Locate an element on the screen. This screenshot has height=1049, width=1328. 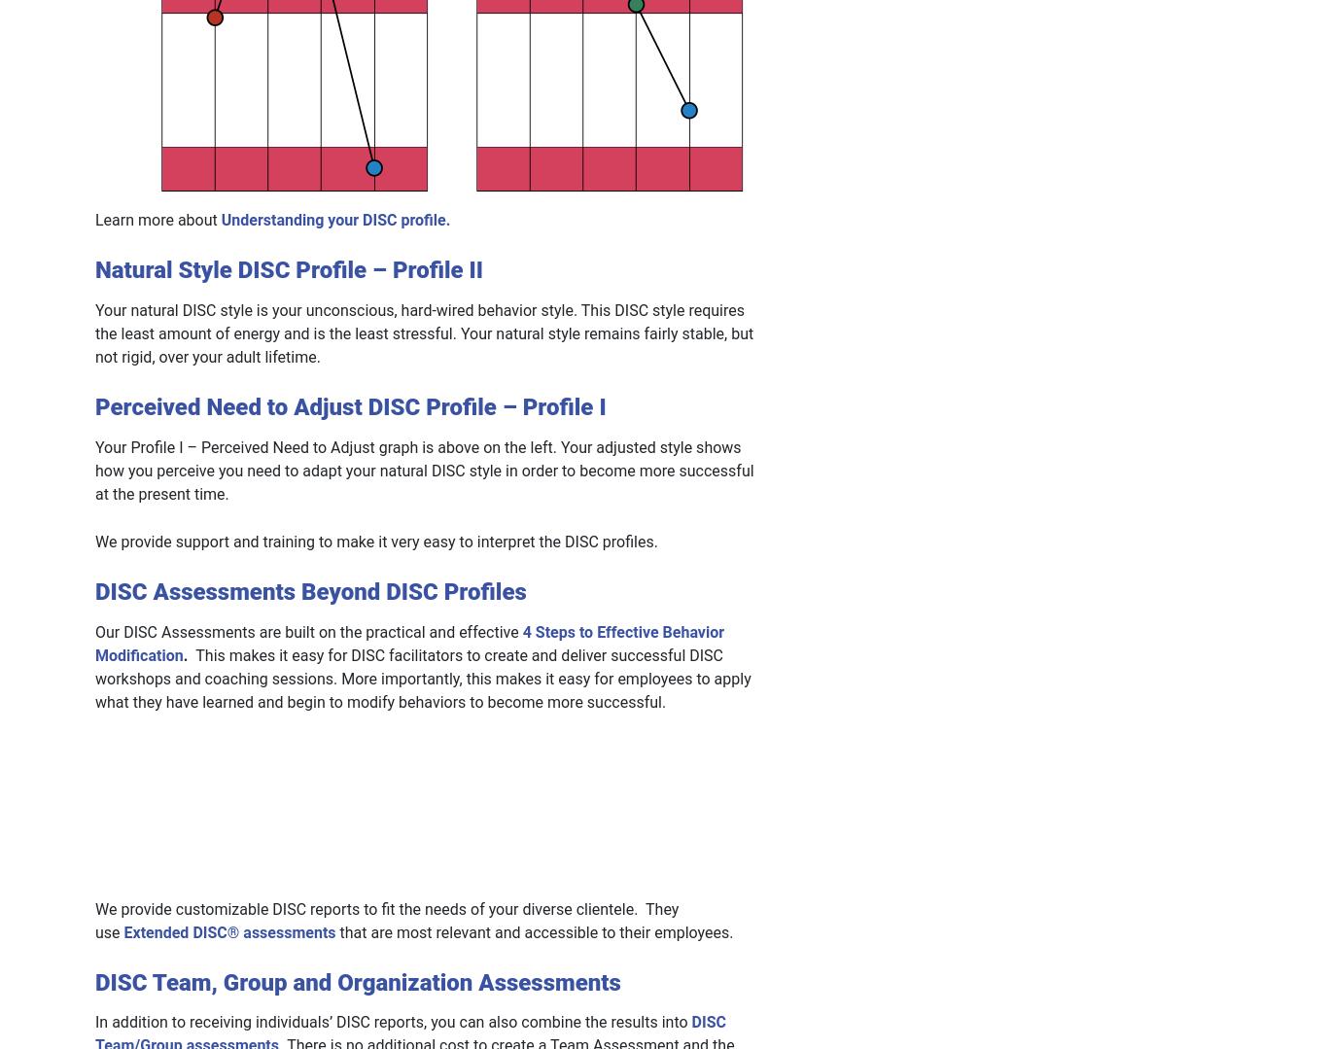
'Your Profile I – Perceived Need to Adjust graph is above on the left. Your adjusted style shows how you perceive you need to adapt your natural DISC style in order to become more successful at the present time.' is located at coordinates (423, 469).